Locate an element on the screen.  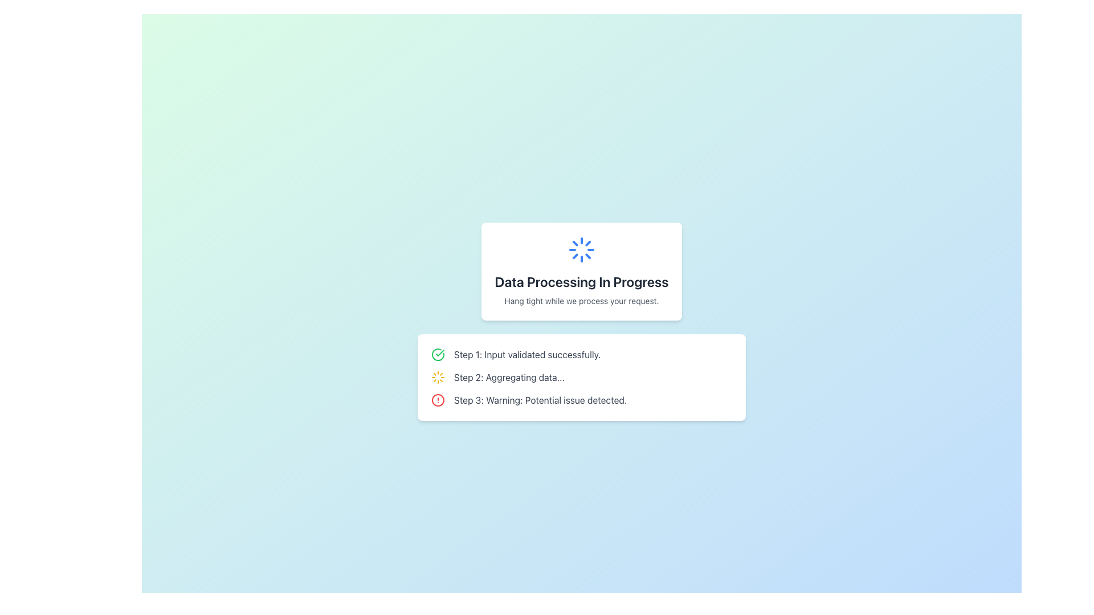
the text label reading 'Step 3: Warning: Potential issue detected.', which is styled with a bold font and is colored red, indicating a warning in the task status sequence is located at coordinates (540, 399).